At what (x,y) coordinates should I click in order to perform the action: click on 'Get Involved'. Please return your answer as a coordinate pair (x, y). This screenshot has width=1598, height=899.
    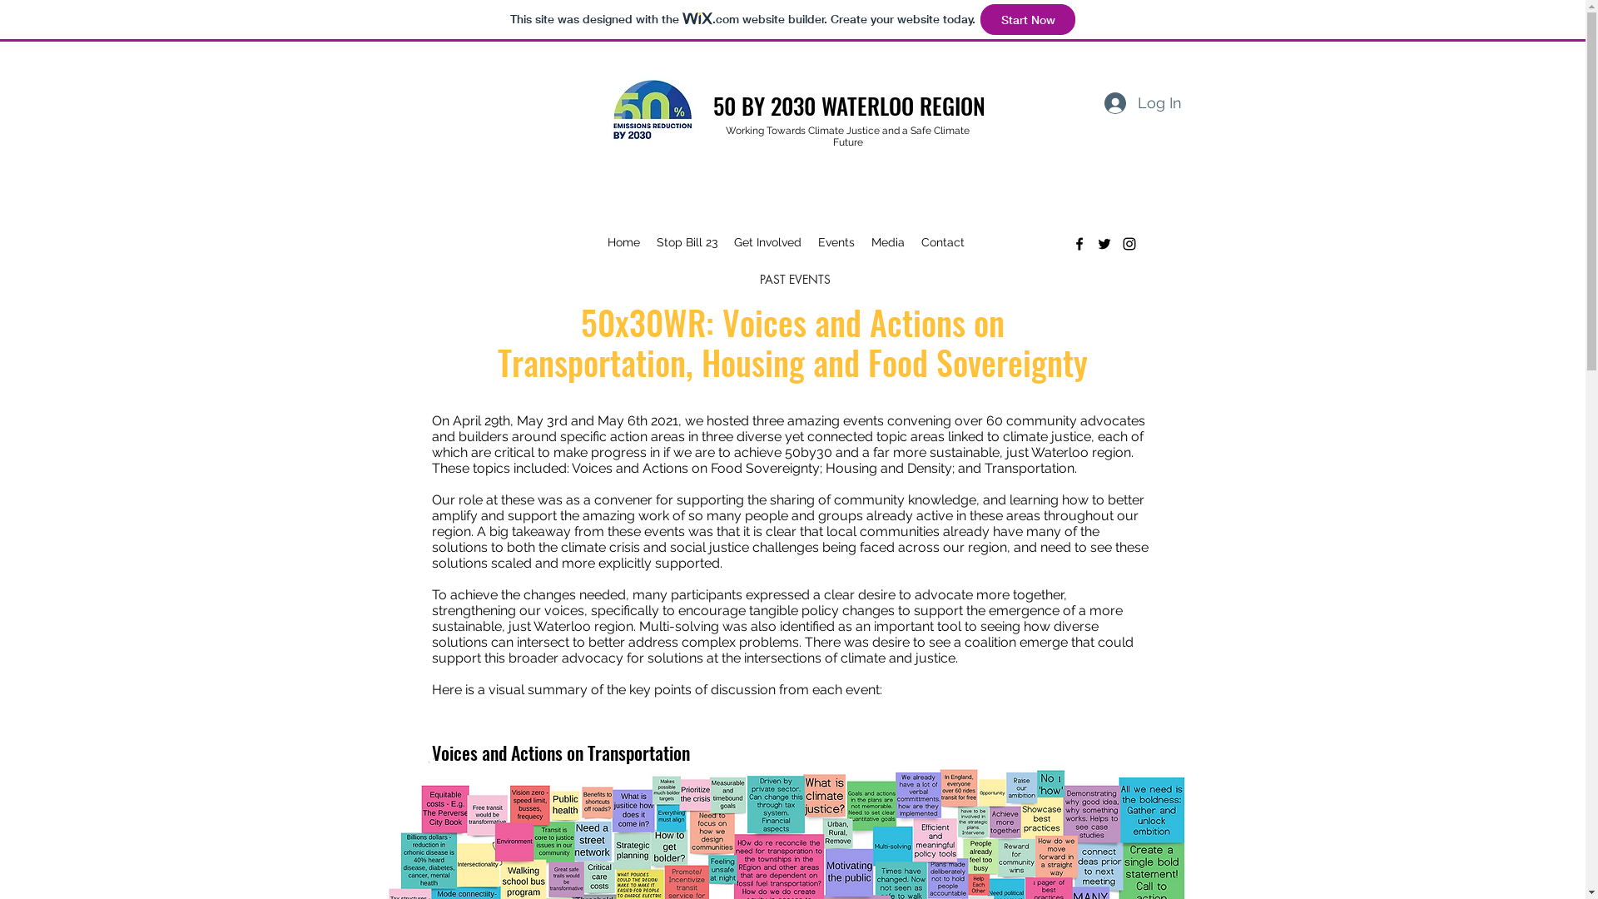
    Looking at the image, I should click on (767, 241).